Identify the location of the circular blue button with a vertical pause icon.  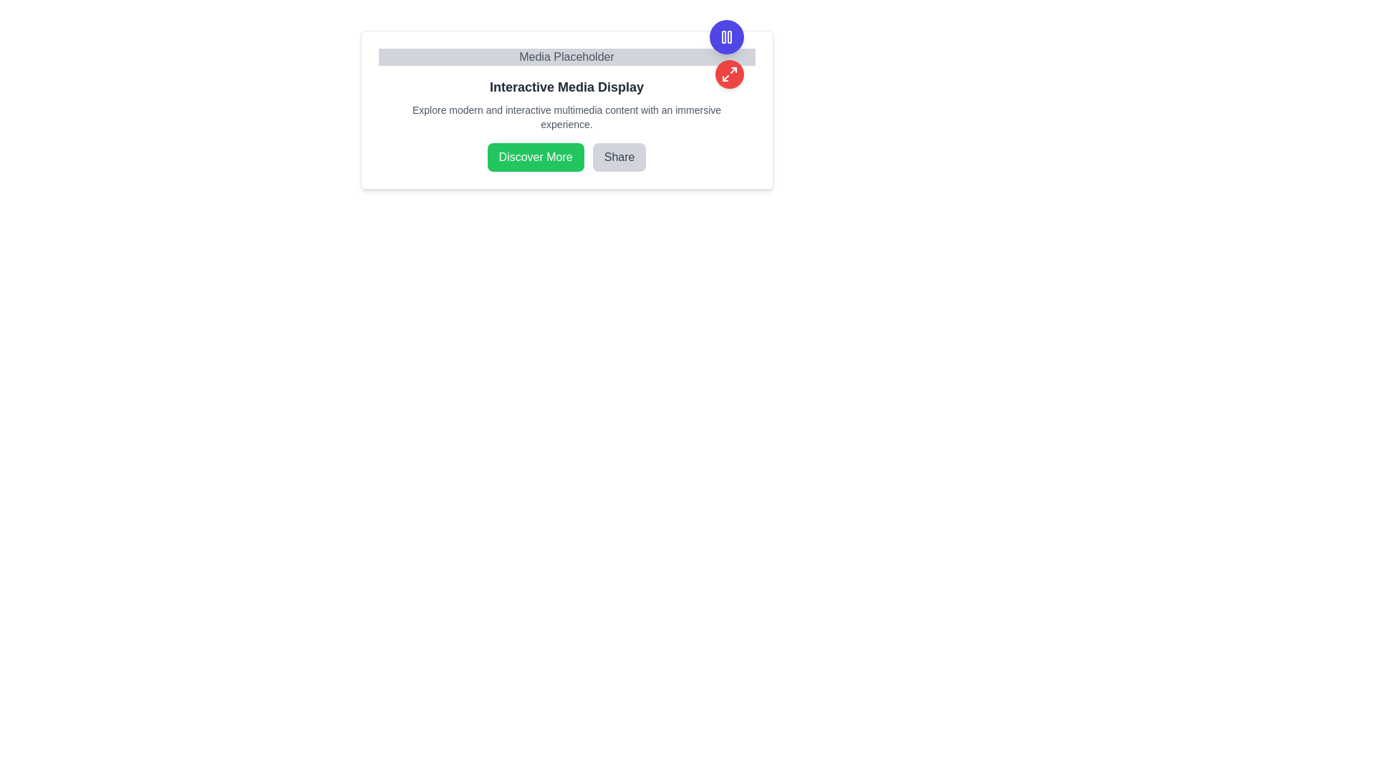
(726, 36).